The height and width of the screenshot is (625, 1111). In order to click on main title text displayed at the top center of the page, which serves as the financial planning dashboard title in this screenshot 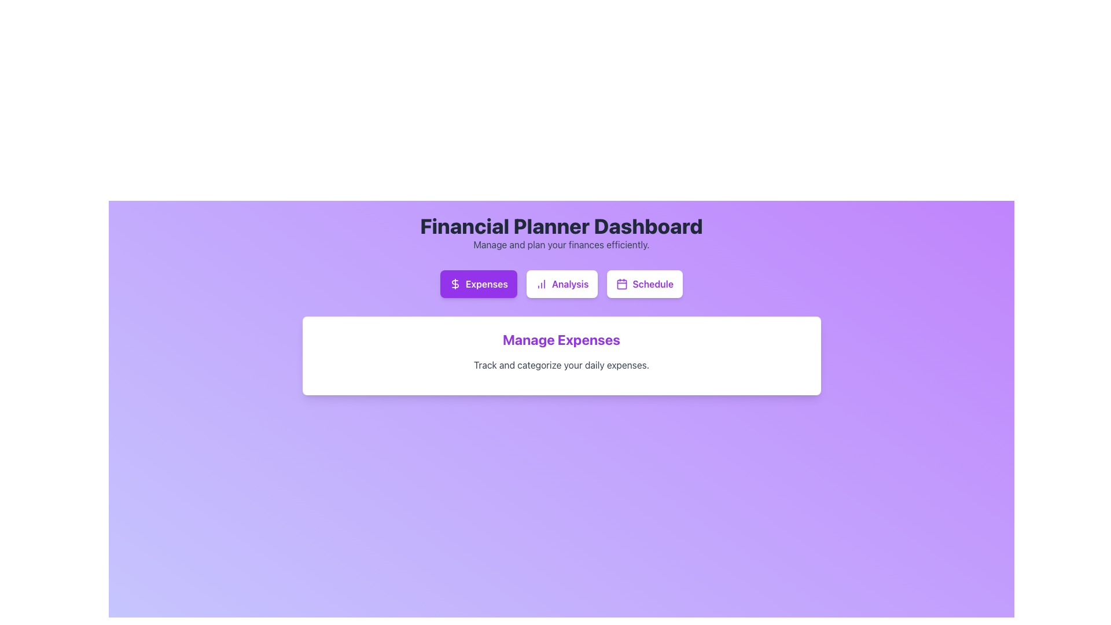, I will do `click(561, 226)`.